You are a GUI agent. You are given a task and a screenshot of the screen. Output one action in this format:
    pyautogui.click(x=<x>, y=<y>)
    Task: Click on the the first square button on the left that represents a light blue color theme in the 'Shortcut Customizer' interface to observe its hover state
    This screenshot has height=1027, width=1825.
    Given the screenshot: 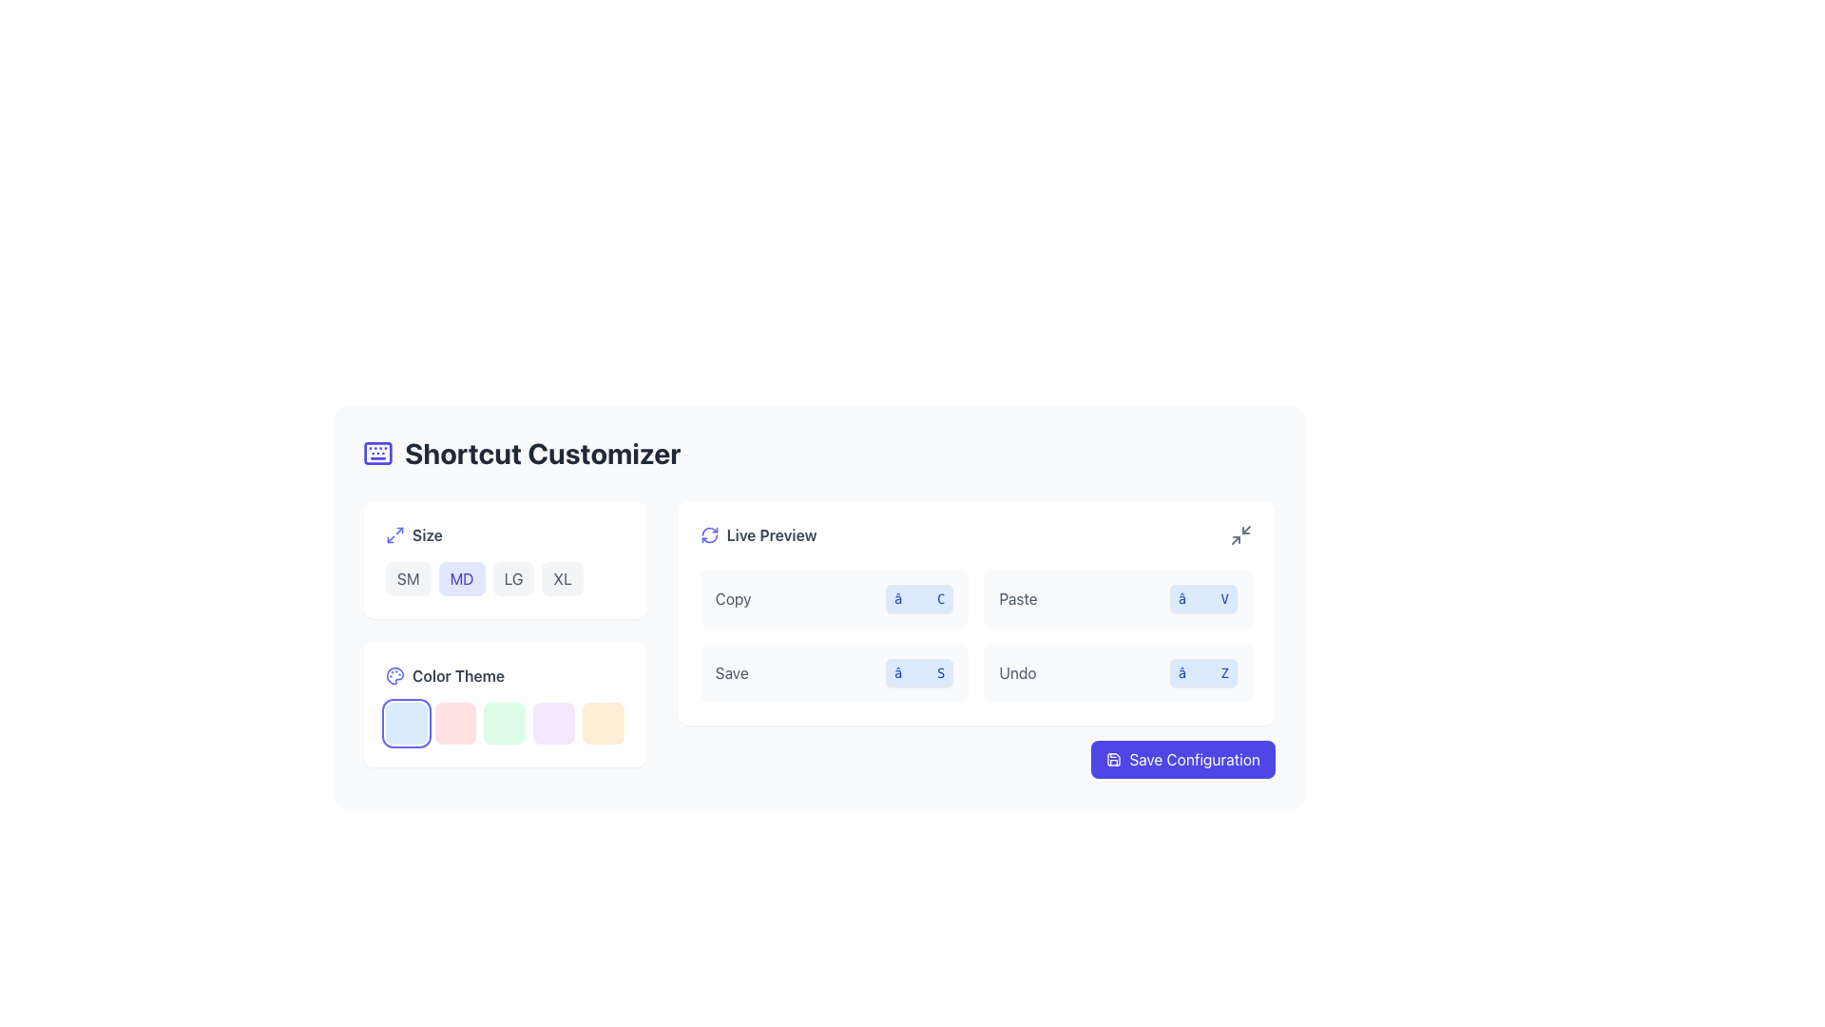 What is the action you would take?
    pyautogui.click(x=405, y=723)
    